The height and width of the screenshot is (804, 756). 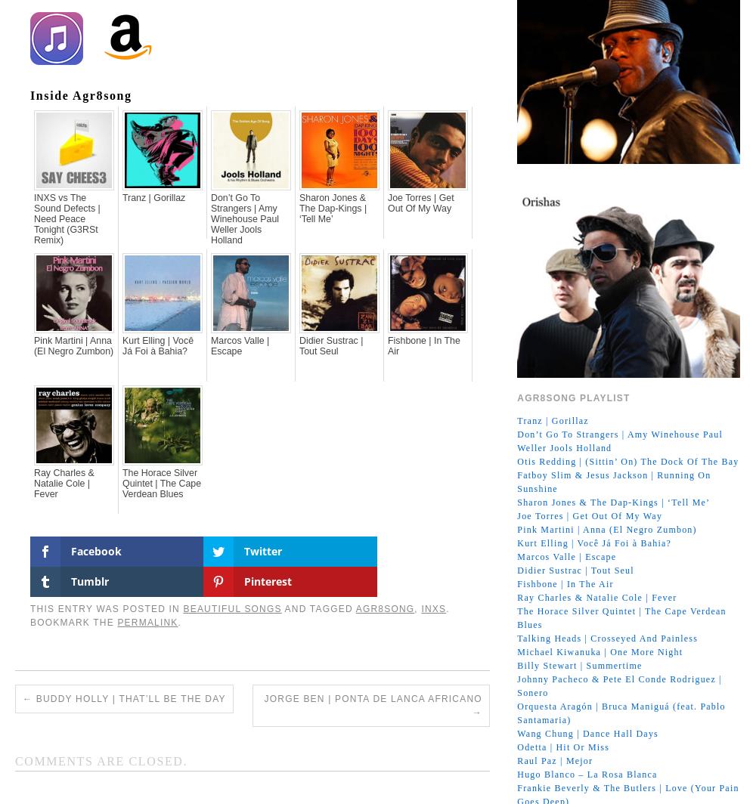 What do you see at coordinates (385, 548) in the screenshot?
I see `'Agr8song'` at bounding box center [385, 548].